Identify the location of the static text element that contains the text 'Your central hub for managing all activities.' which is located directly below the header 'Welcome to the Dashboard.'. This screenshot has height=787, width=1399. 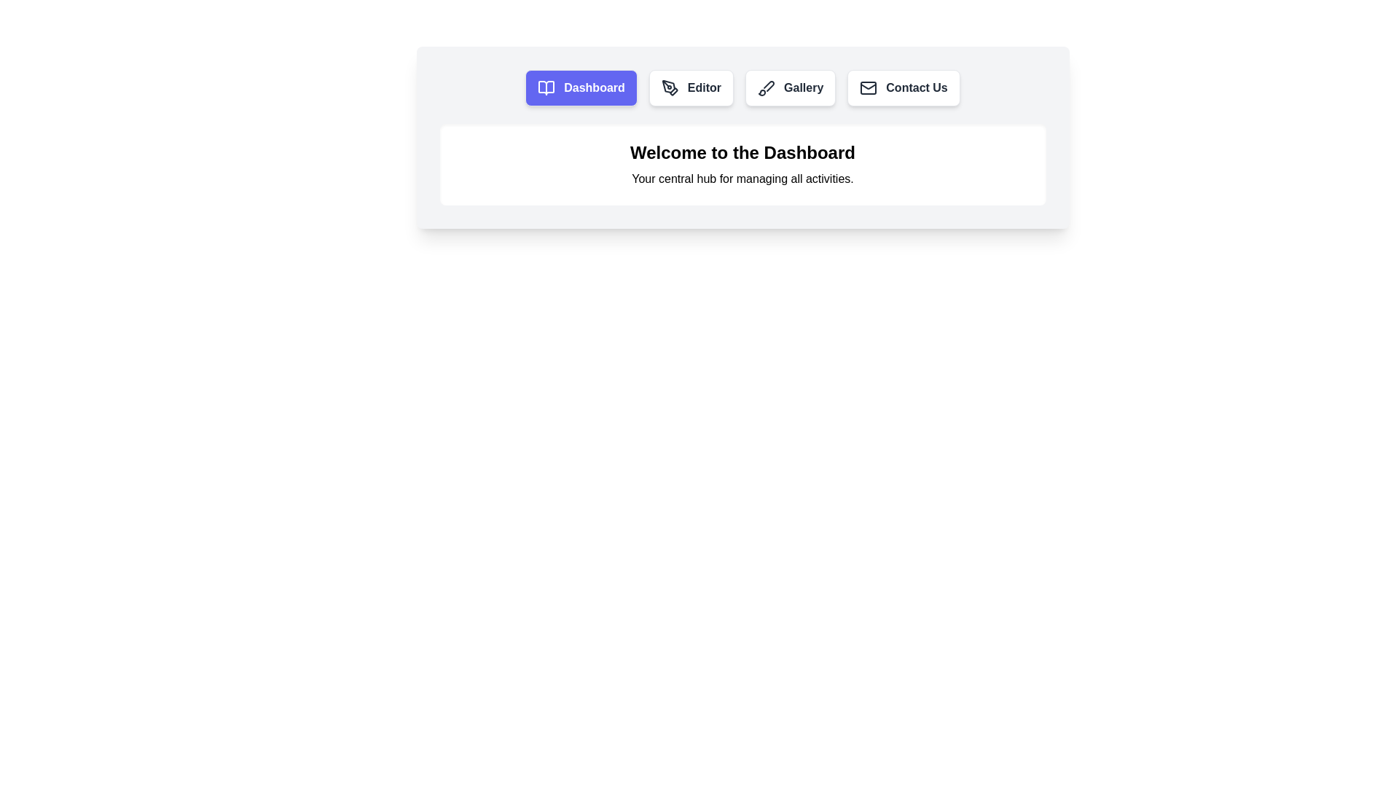
(742, 179).